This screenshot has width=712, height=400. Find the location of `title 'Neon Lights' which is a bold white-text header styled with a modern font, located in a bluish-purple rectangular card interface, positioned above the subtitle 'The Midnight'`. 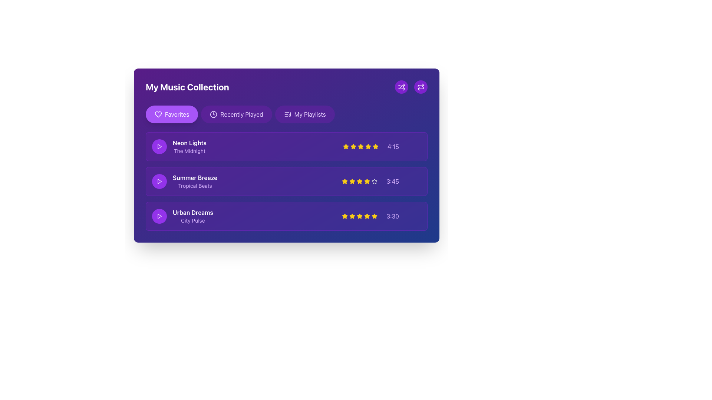

title 'Neon Lights' which is a bold white-text header styled with a modern font, located in a bluish-purple rectangular card interface, positioned above the subtitle 'The Midnight' is located at coordinates (189, 143).